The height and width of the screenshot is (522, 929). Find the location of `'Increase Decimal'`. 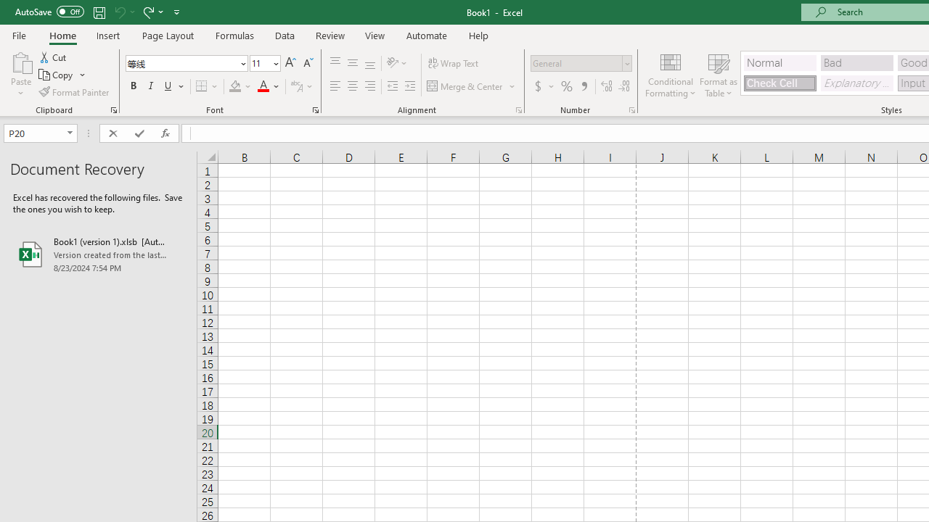

'Increase Decimal' is located at coordinates (607, 86).